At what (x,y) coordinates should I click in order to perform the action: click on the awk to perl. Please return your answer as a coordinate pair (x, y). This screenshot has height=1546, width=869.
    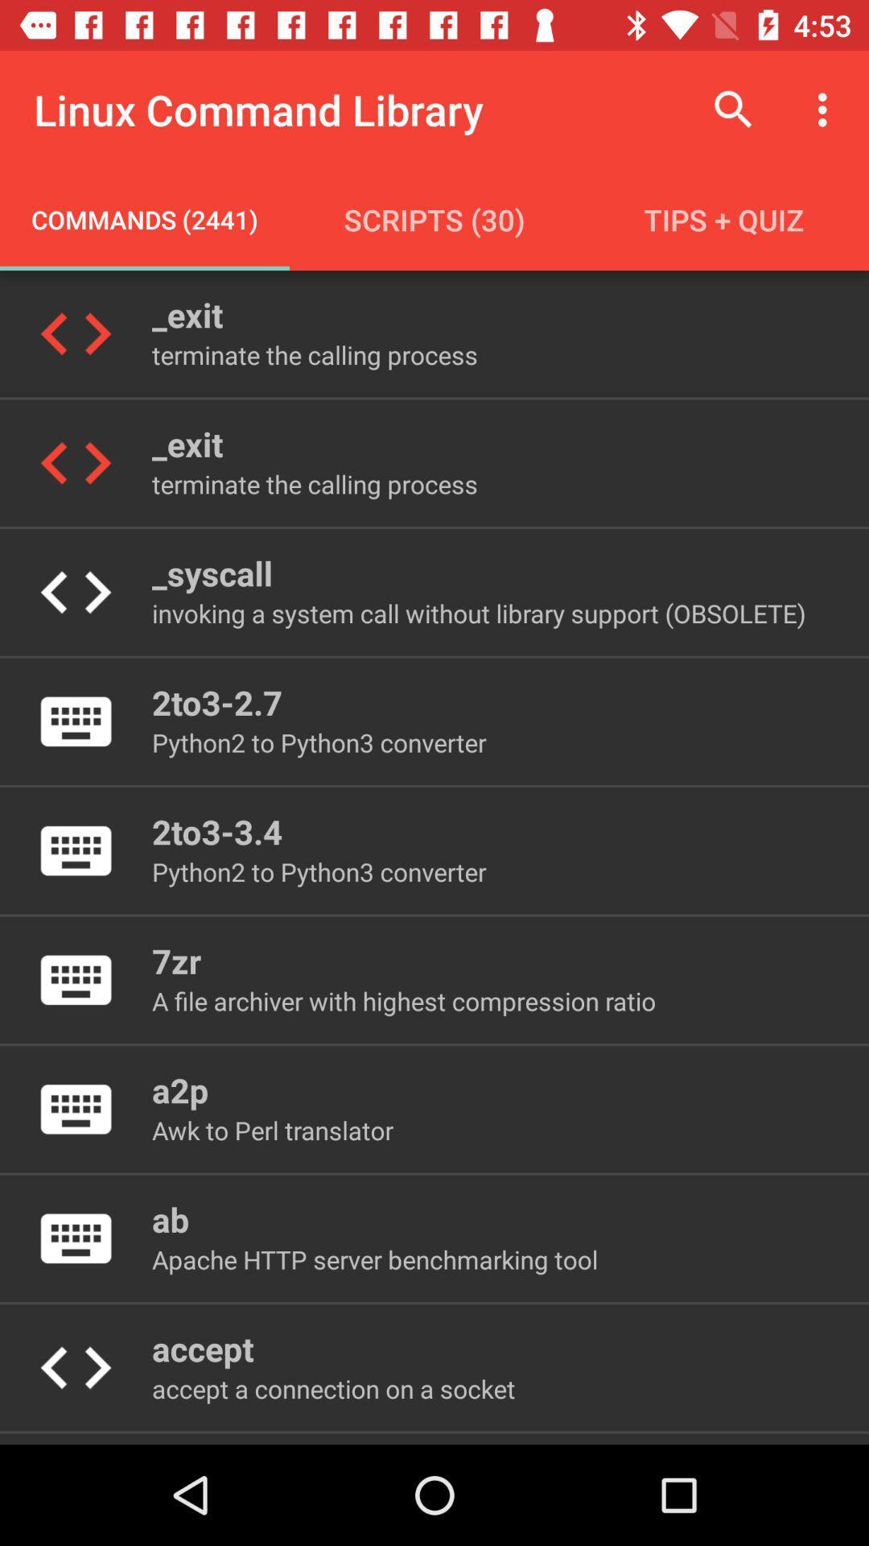
    Looking at the image, I should click on (272, 1129).